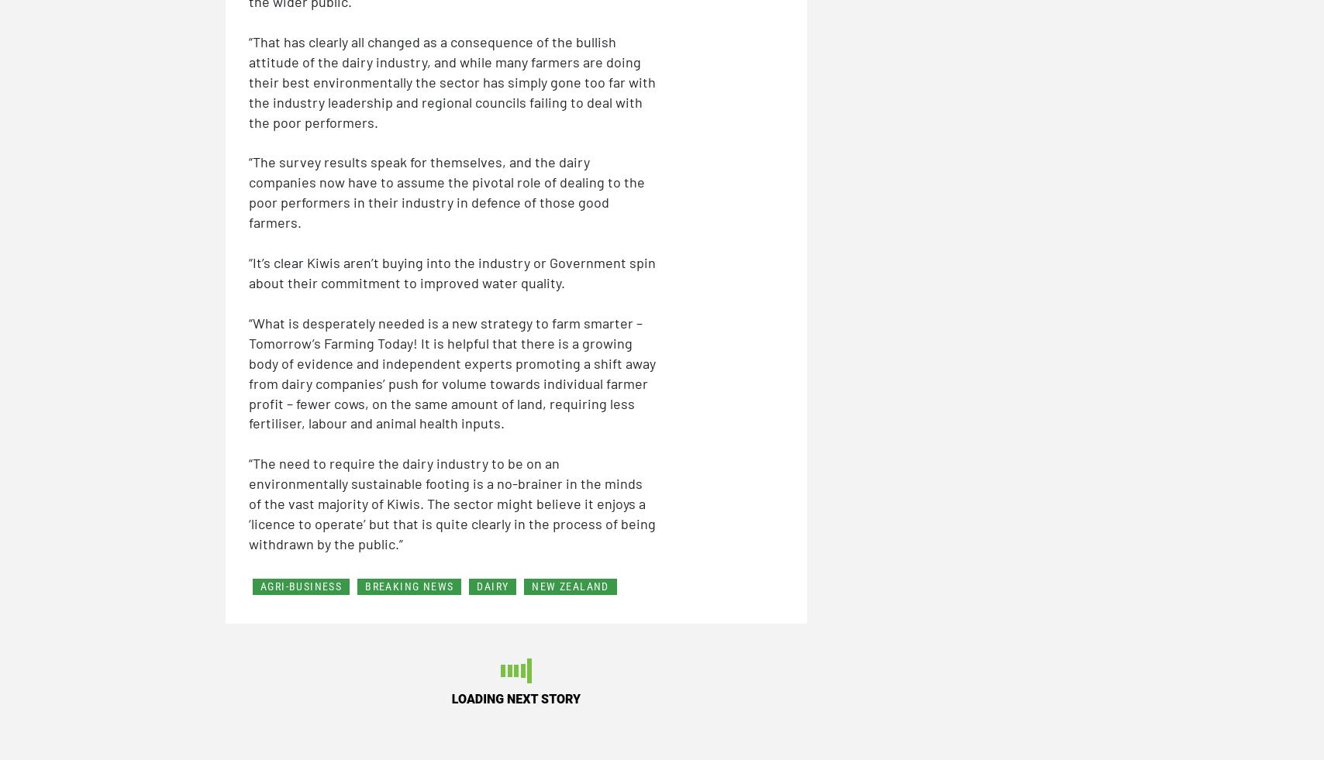 Image resolution: width=1324 pixels, height=760 pixels. What do you see at coordinates (452, 80) in the screenshot?
I see `'“That has clearly all changed as a consequence of the bullish attitude of the dairy industry, and while many farmers are doing their best environmentally the sector has simply gone too far with the industry leadership and regional councils failing to deal with the poor performers.'` at bounding box center [452, 80].